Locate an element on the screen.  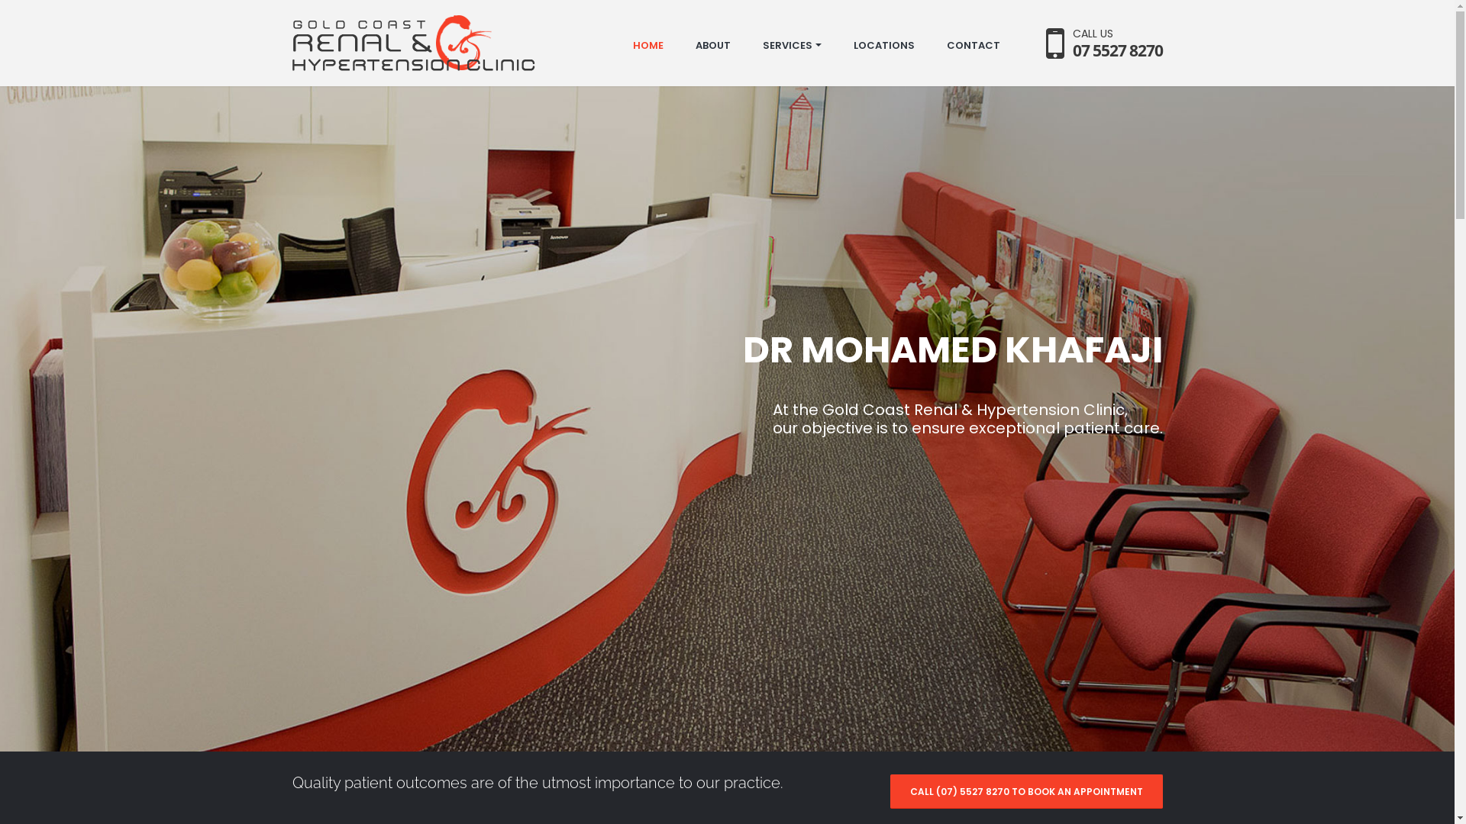
'LOCATIONS' is located at coordinates (883, 45).